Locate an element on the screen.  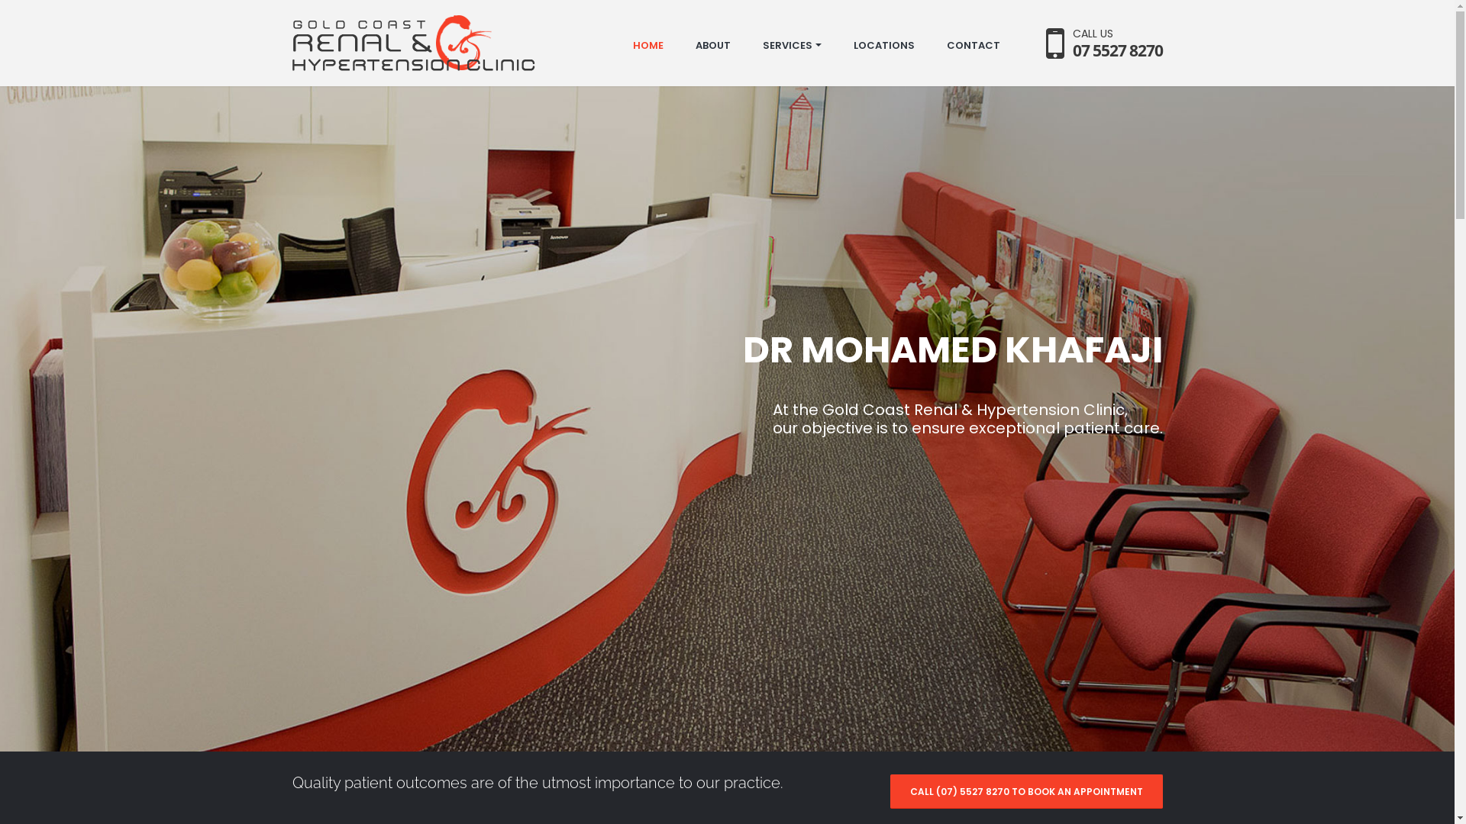
'LOCATIONS' is located at coordinates (883, 45).